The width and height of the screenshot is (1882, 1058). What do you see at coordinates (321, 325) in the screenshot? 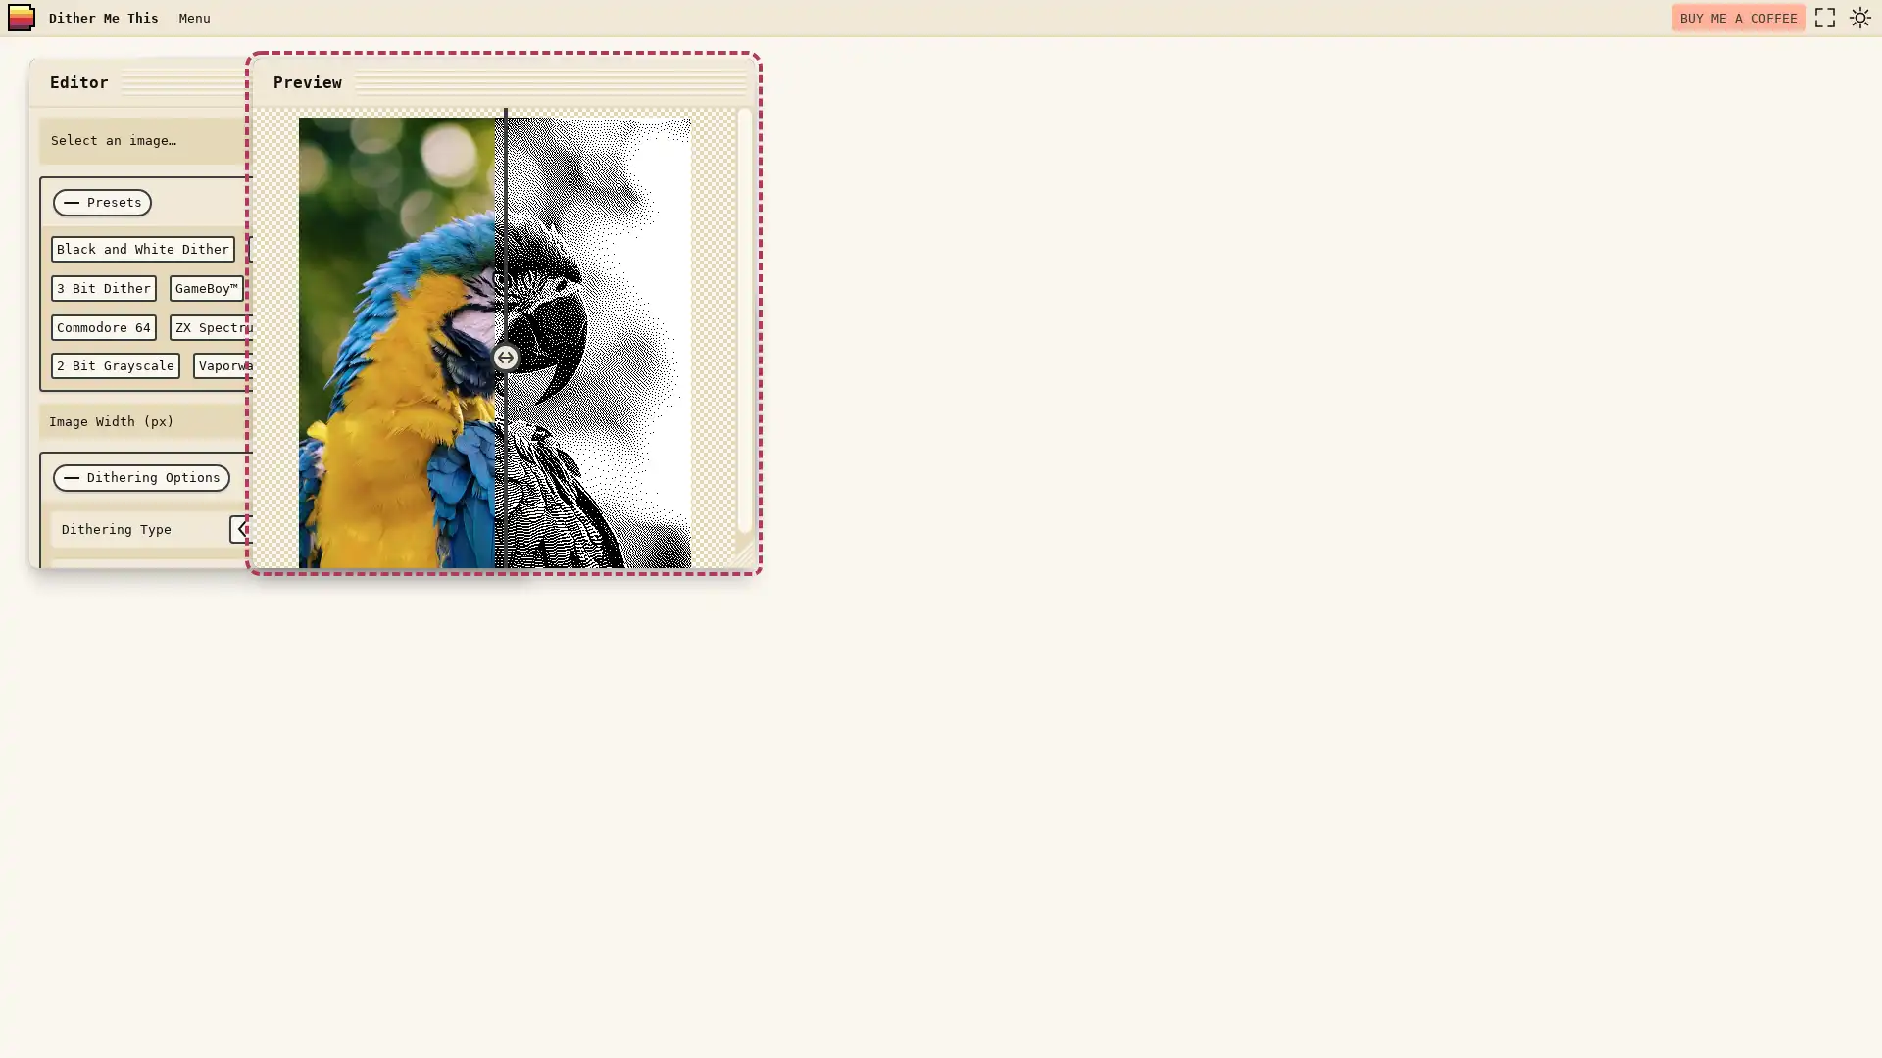
I see `6 Bit RGB` at bounding box center [321, 325].